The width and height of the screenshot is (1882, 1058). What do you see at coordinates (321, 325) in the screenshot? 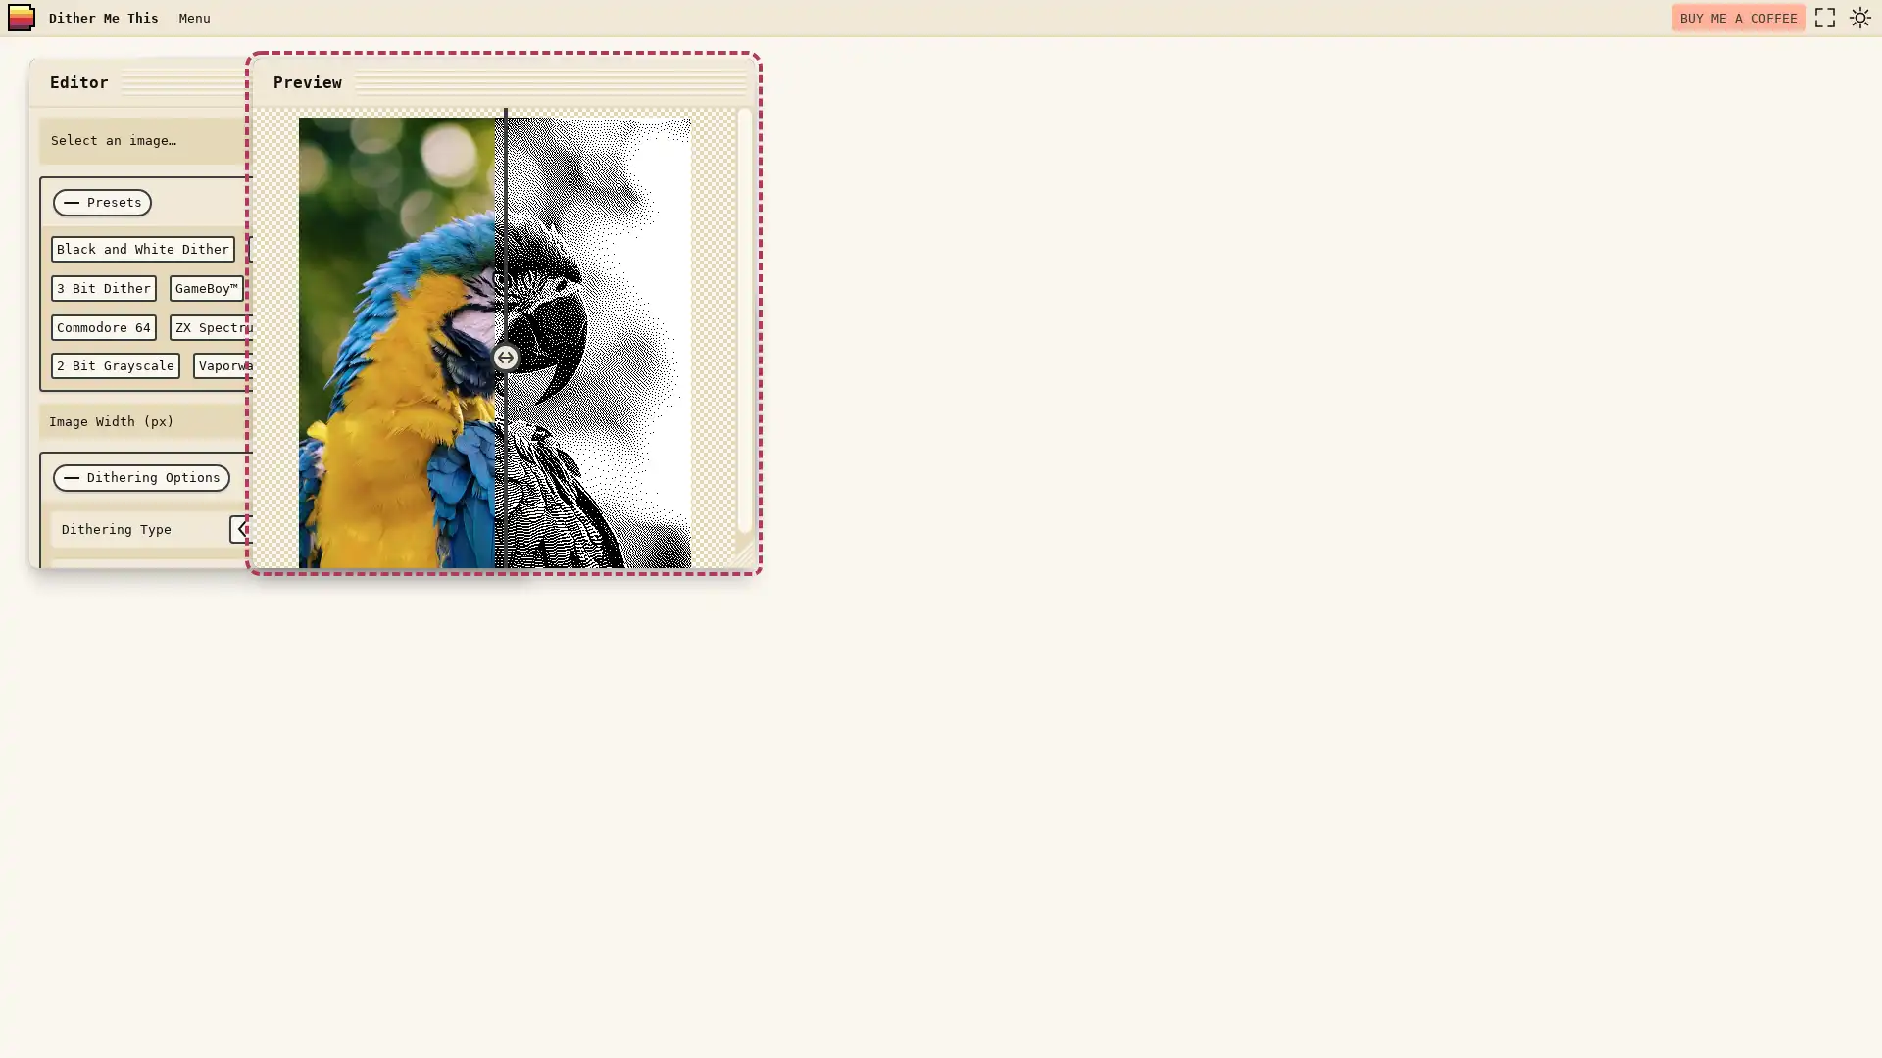
I see `6 Bit RGB` at bounding box center [321, 325].